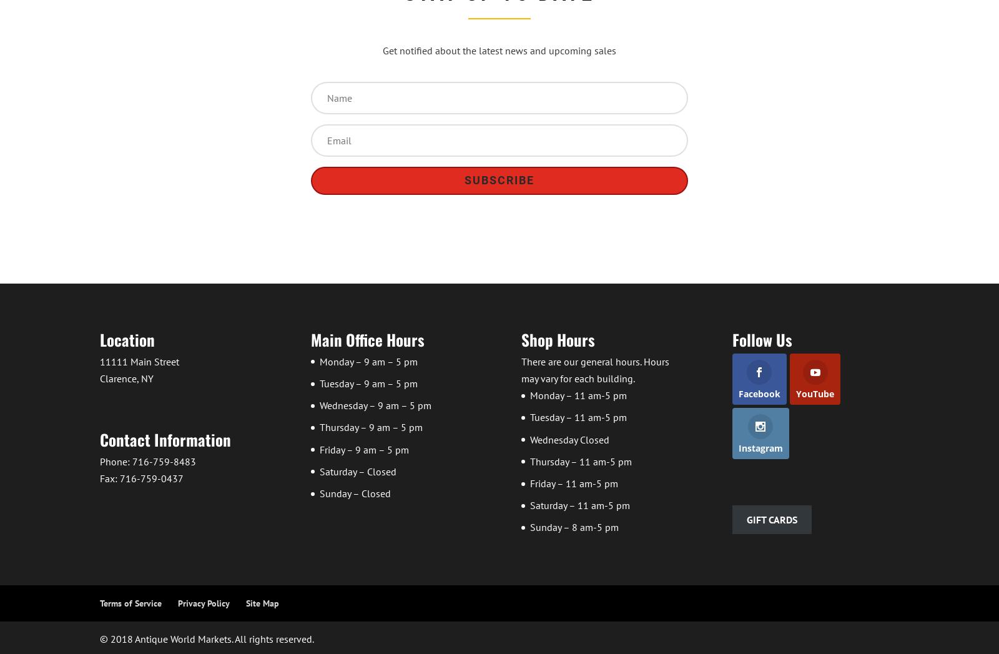 The image size is (999, 654). What do you see at coordinates (147, 461) in the screenshot?
I see `'Phone: 716-759-8483'` at bounding box center [147, 461].